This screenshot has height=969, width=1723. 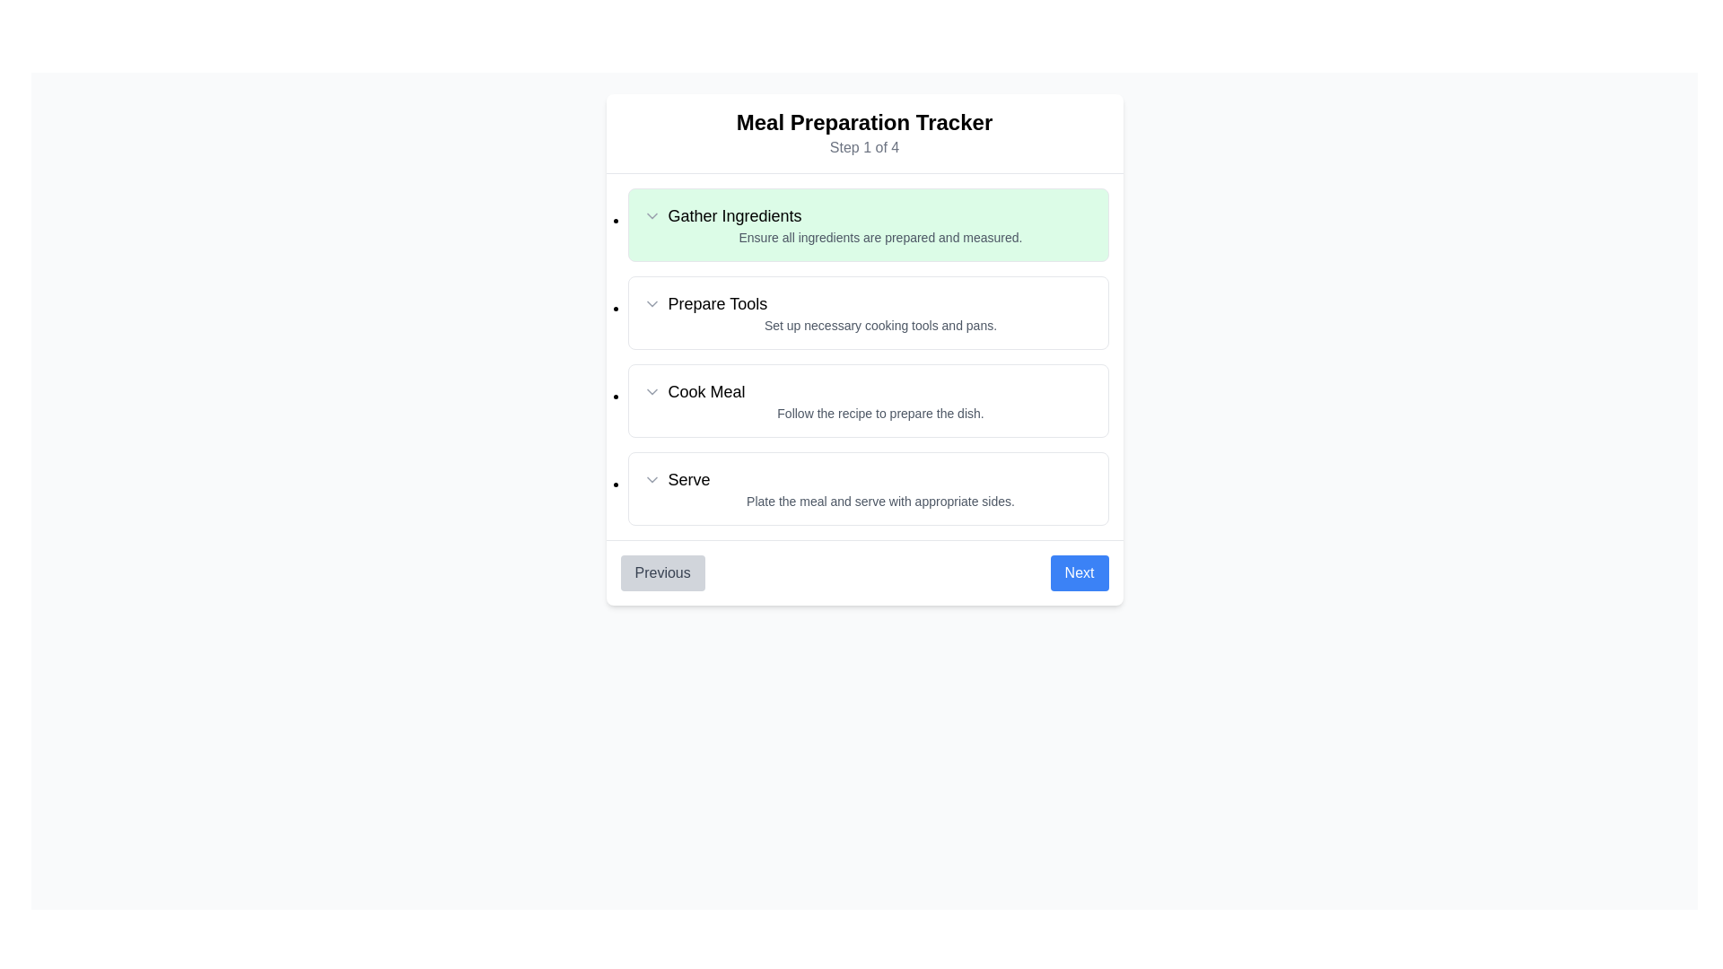 What do you see at coordinates (868, 400) in the screenshot?
I see `descriptive text of the third list item titled 'Cook Meal' in the 'Meal Preparation Tracker' interface` at bounding box center [868, 400].